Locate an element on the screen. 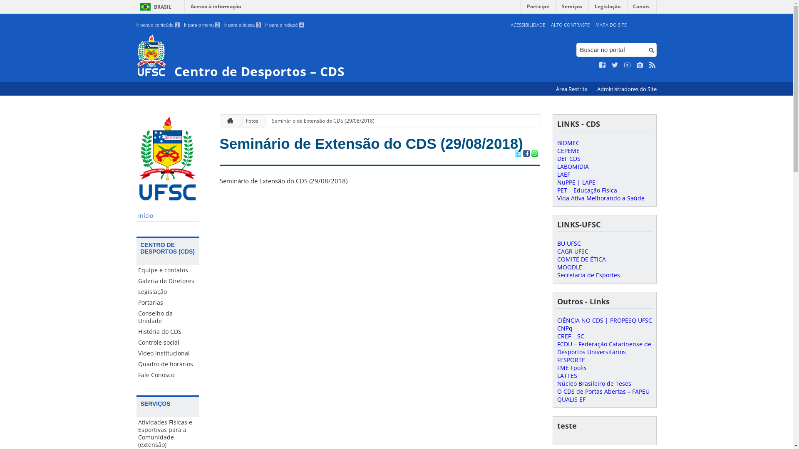  'Conselho da Unidade' is located at coordinates (136, 317).